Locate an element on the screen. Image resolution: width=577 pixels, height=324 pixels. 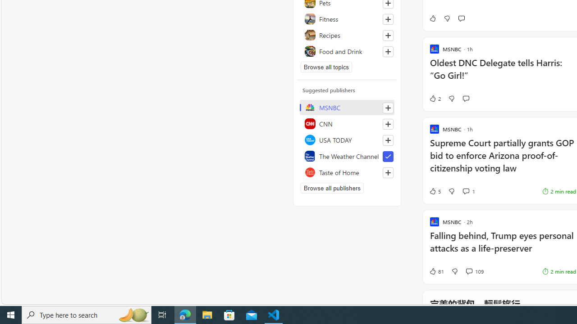
'View comments 1 Comment' is located at coordinates (469, 191).